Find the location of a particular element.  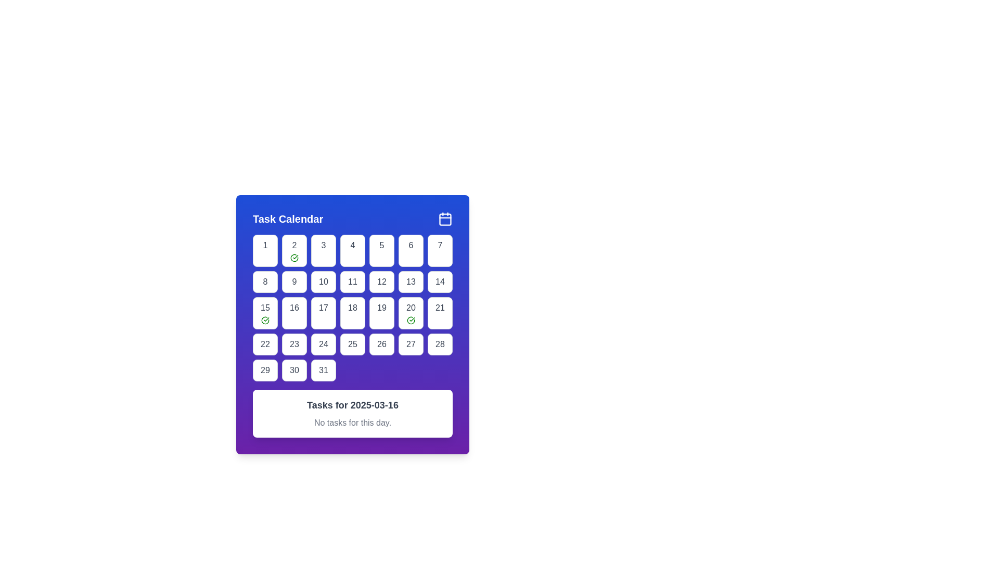

date information displayed by the text label showing the number 15, located in the second row and third column of the calendar grid is located at coordinates (265, 307).